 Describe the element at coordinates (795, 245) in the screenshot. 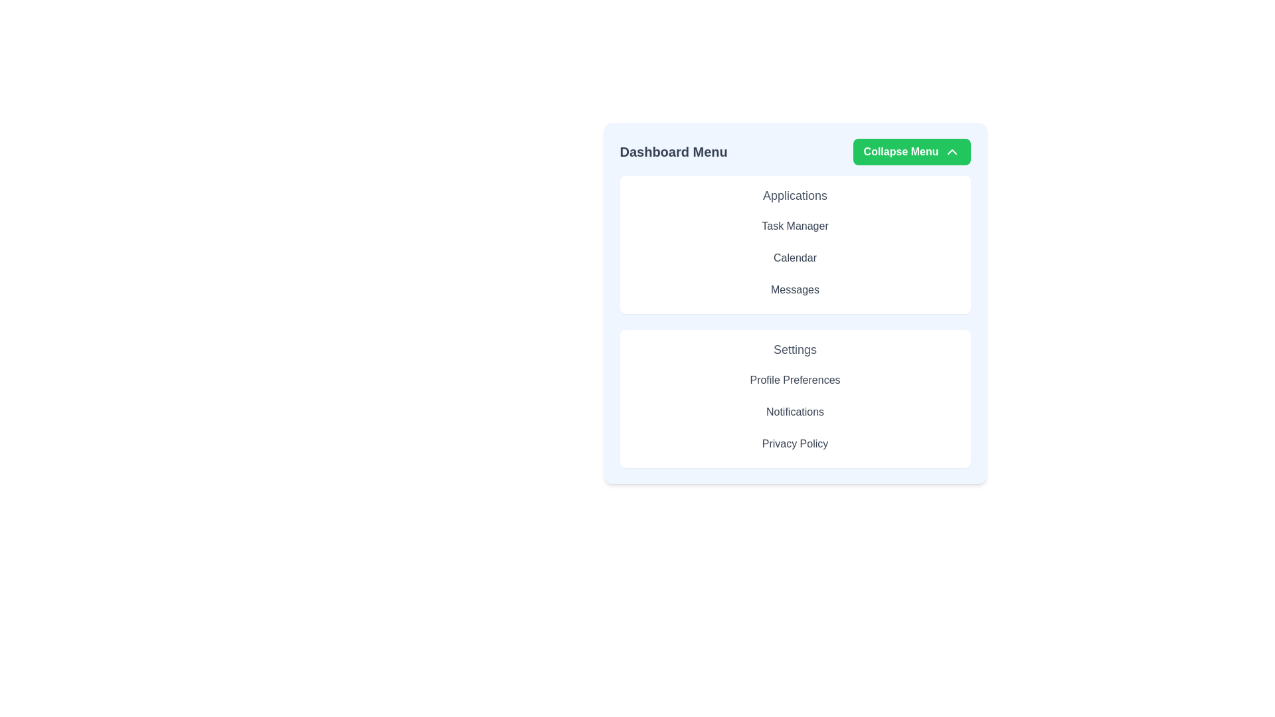

I see `the navigational menu element that displays 'Applications' with three items: 'Task Manager,' 'Calendar,' and 'Messages' arranged vertically` at that location.